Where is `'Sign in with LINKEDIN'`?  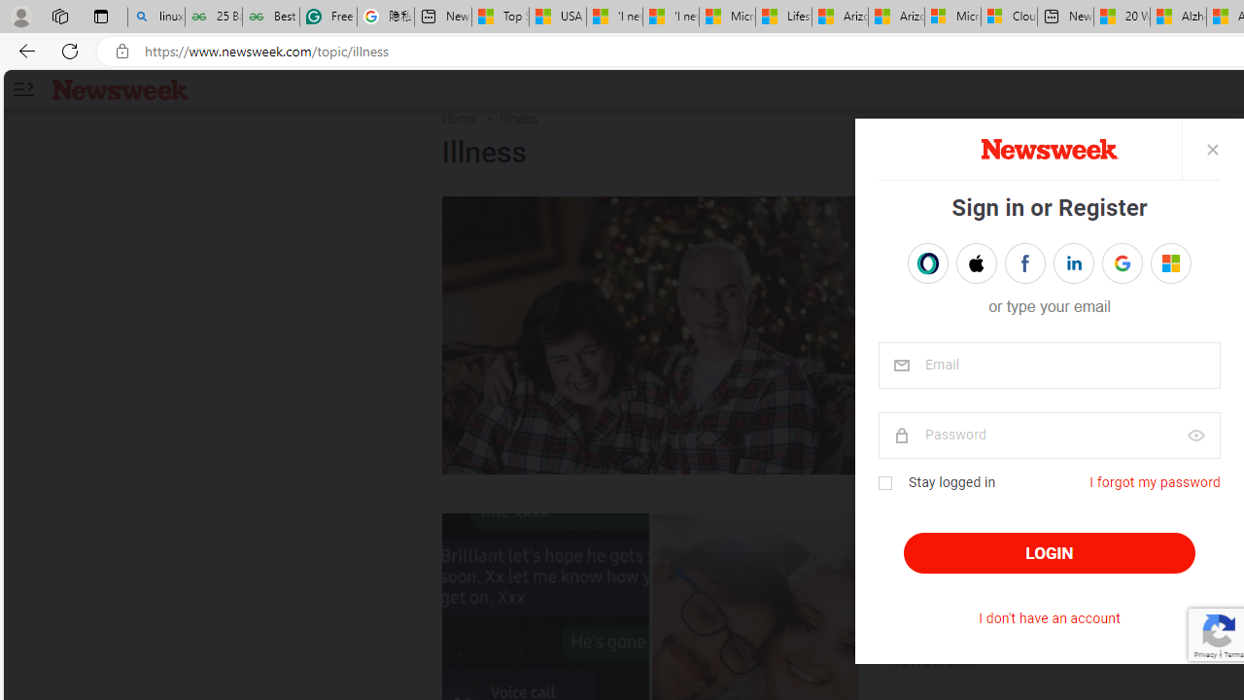 'Sign in with LINKEDIN' is located at coordinates (1072, 263).